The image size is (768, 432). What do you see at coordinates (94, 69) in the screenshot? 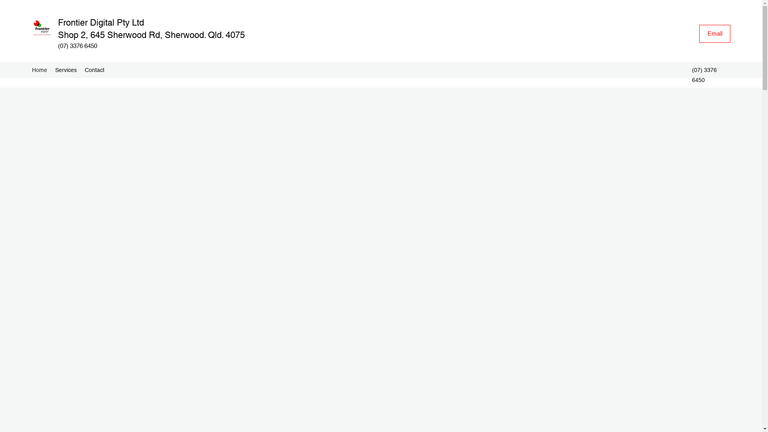
I see `'Contact'` at bounding box center [94, 69].